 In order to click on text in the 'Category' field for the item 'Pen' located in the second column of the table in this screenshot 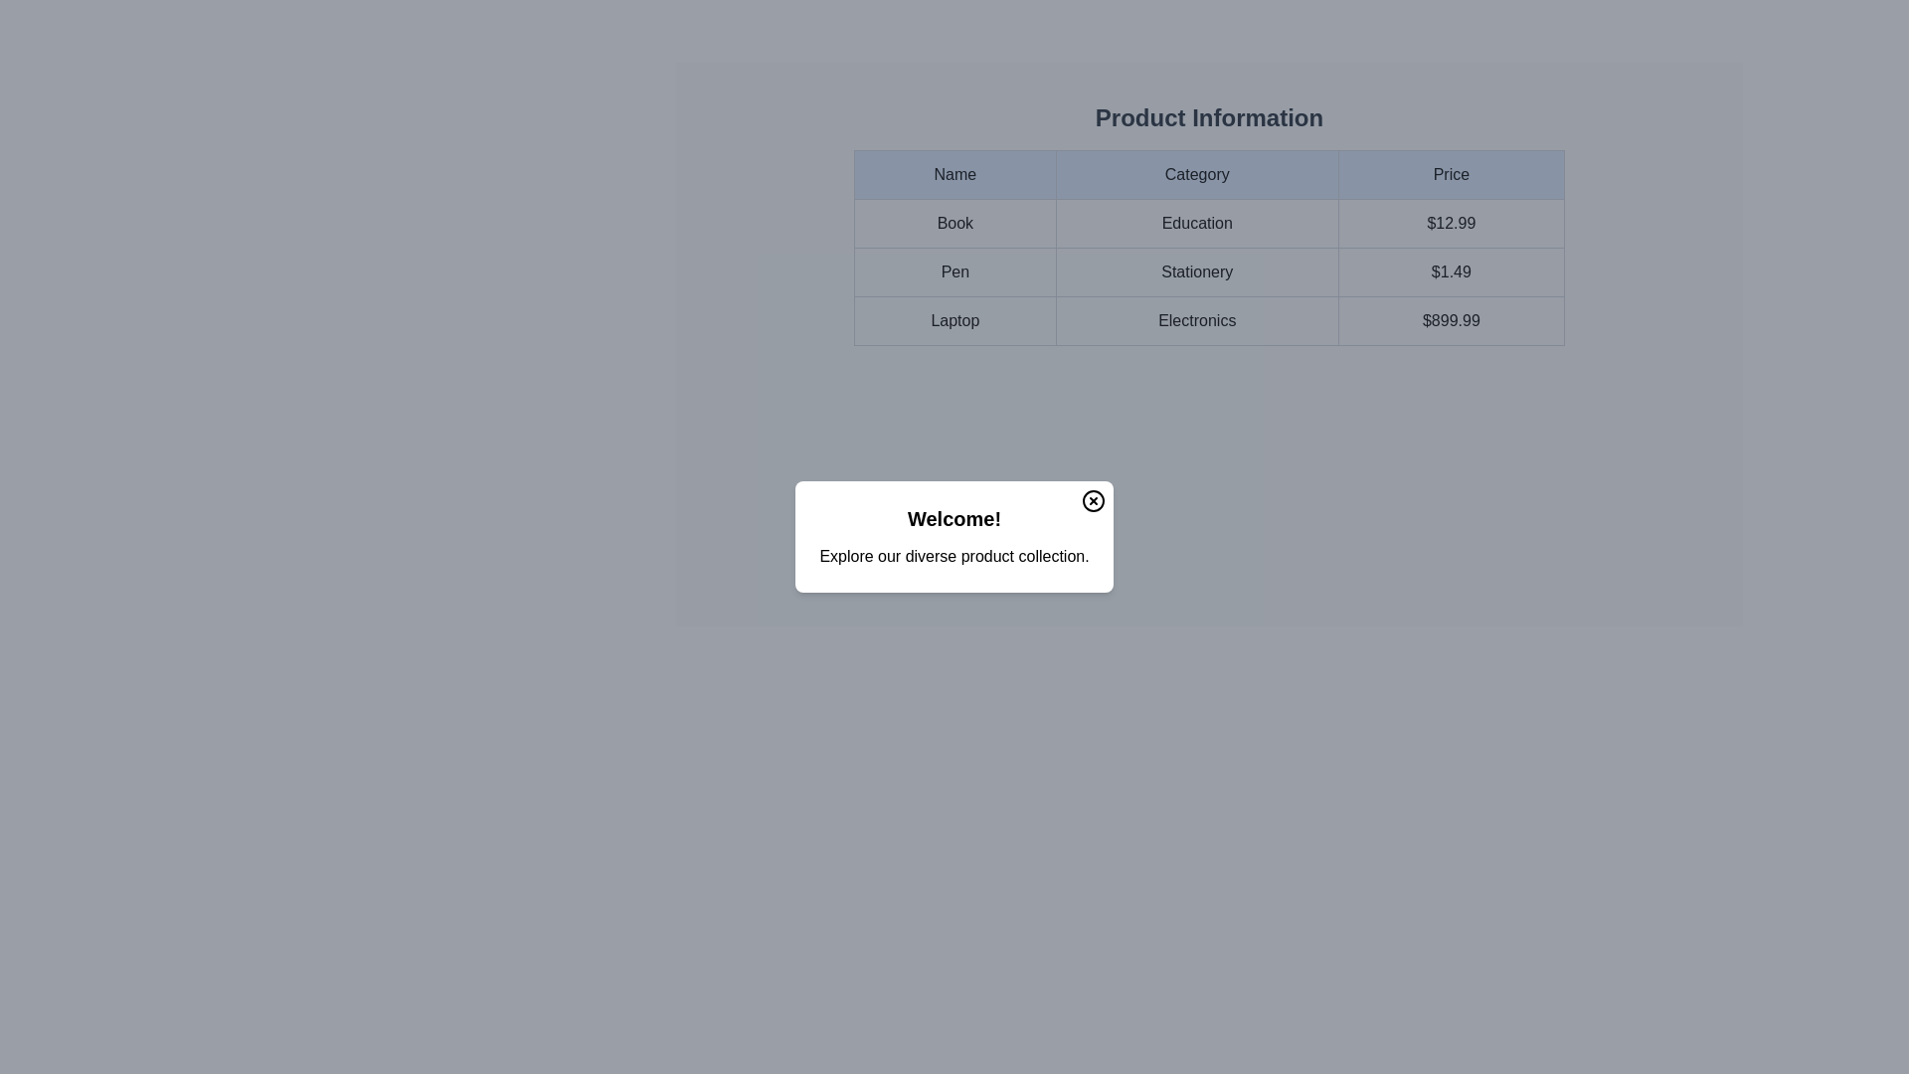, I will do `click(1208, 271)`.